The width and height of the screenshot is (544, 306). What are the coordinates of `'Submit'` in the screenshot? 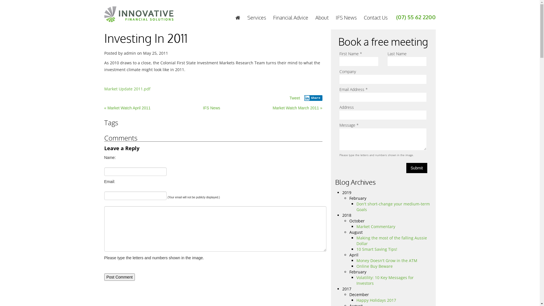 It's located at (416, 168).